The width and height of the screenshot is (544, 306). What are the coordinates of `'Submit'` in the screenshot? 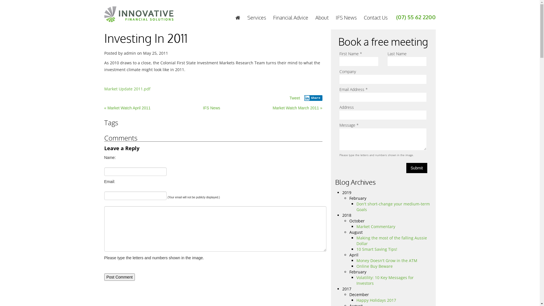 It's located at (416, 168).